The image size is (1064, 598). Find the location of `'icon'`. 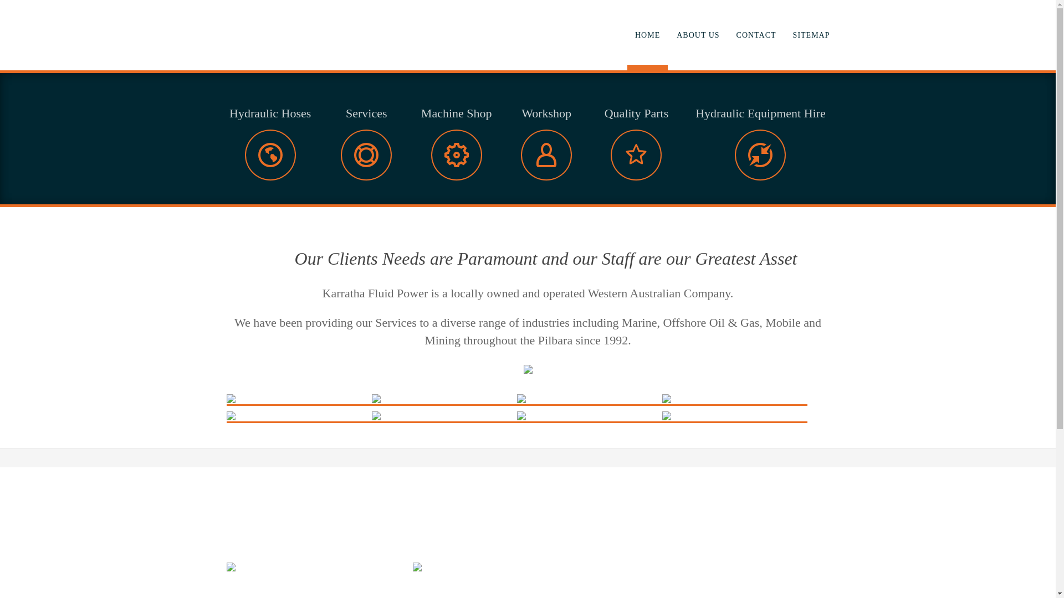

'icon' is located at coordinates (366, 155).